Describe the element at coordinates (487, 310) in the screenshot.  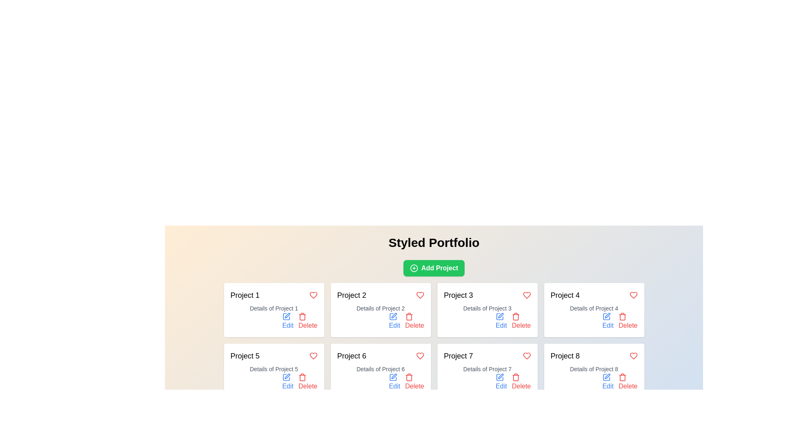
I see `the project card located in the top row, third column of the grid layout` at that location.